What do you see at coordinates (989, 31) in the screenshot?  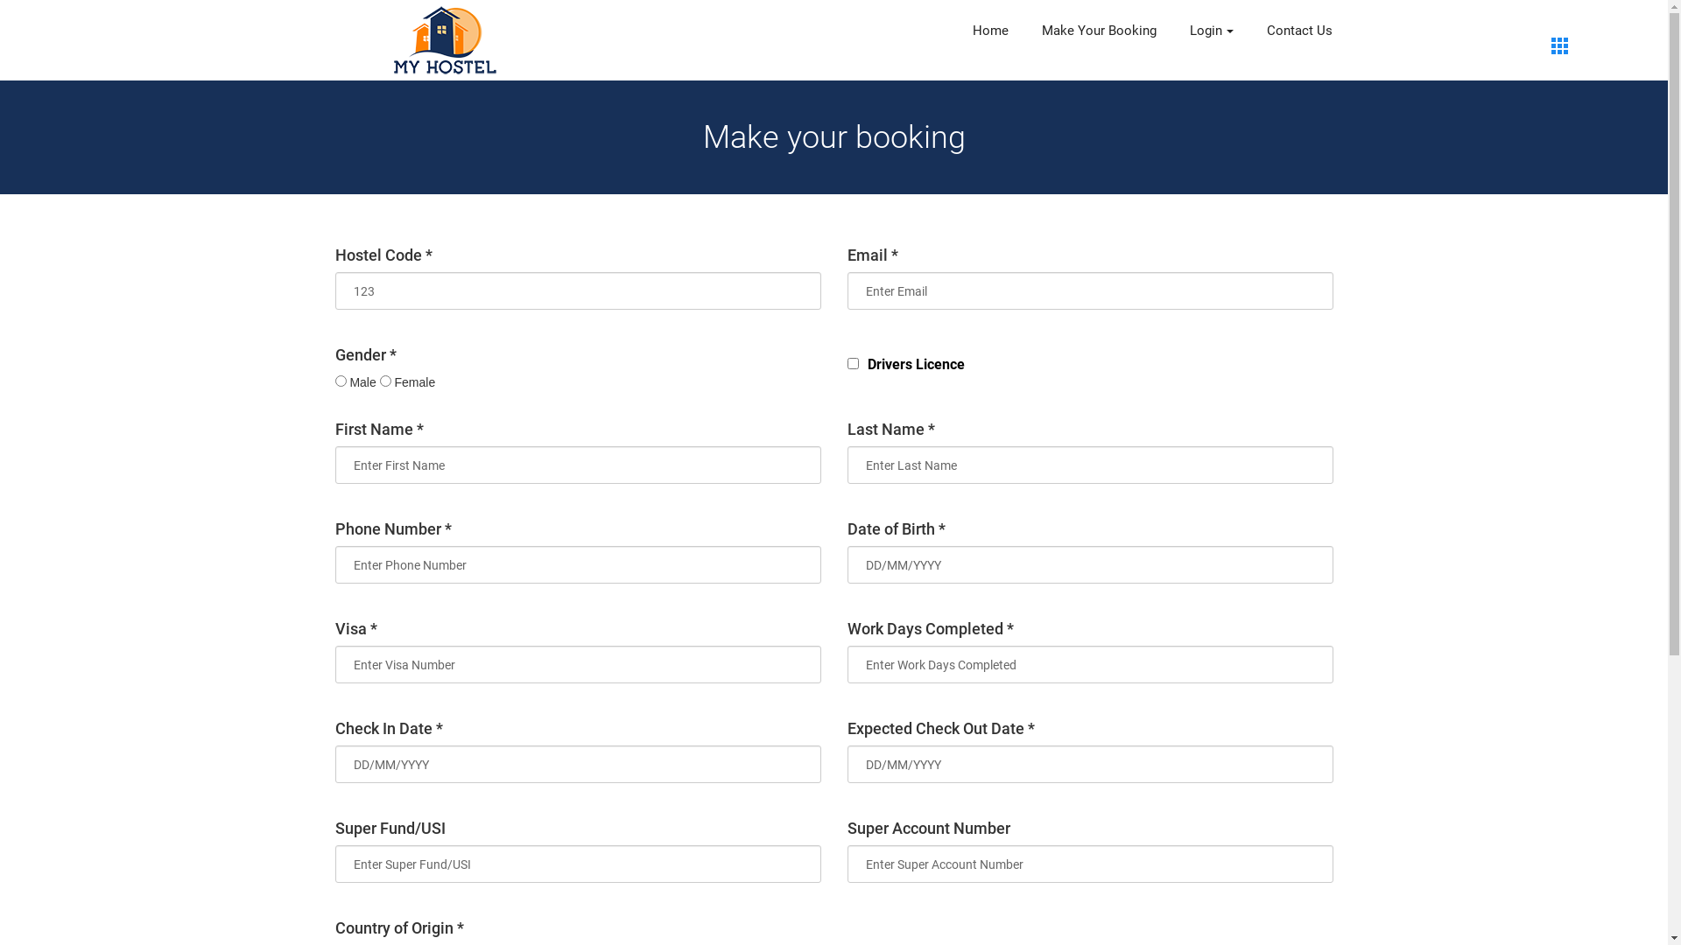 I see `'Home'` at bounding box center [989, 31].